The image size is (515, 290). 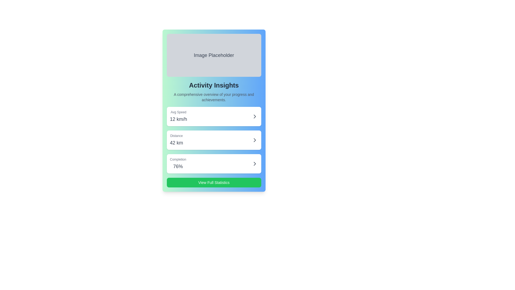 What do you see at coordinates (178, 166) in the screenshot?
I see `the completion percentage label located below the 'Completion' text in the card-like section of the interface` at bounding box center [178, 166].